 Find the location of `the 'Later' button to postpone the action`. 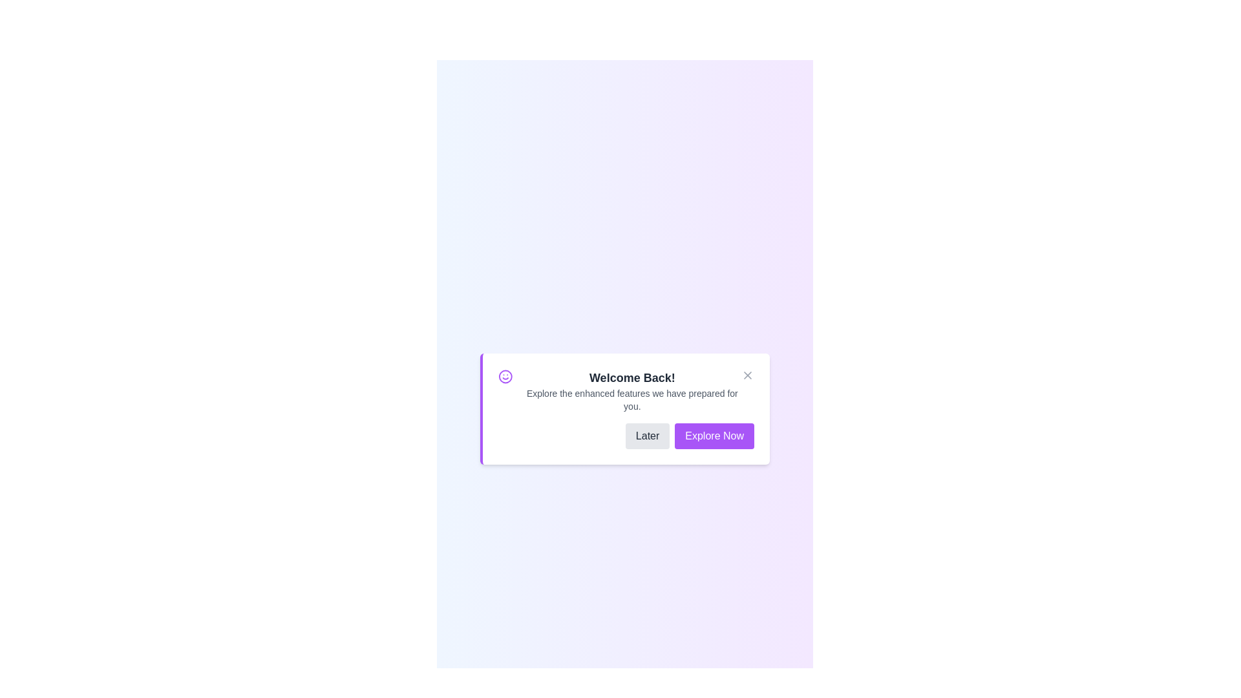

the 'Later' button to postpone the action is located at coordinates (648, 436).